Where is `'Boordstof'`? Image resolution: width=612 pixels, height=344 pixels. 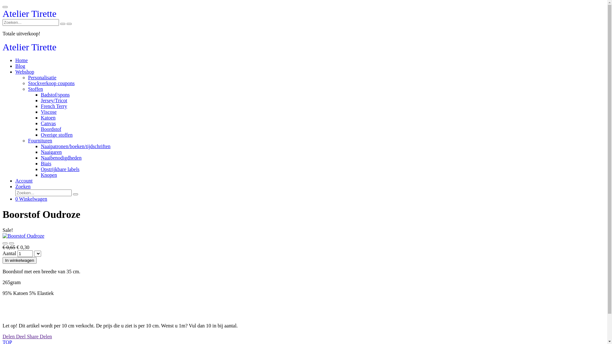
'Boordstof' is located at coordinates (50, 129).